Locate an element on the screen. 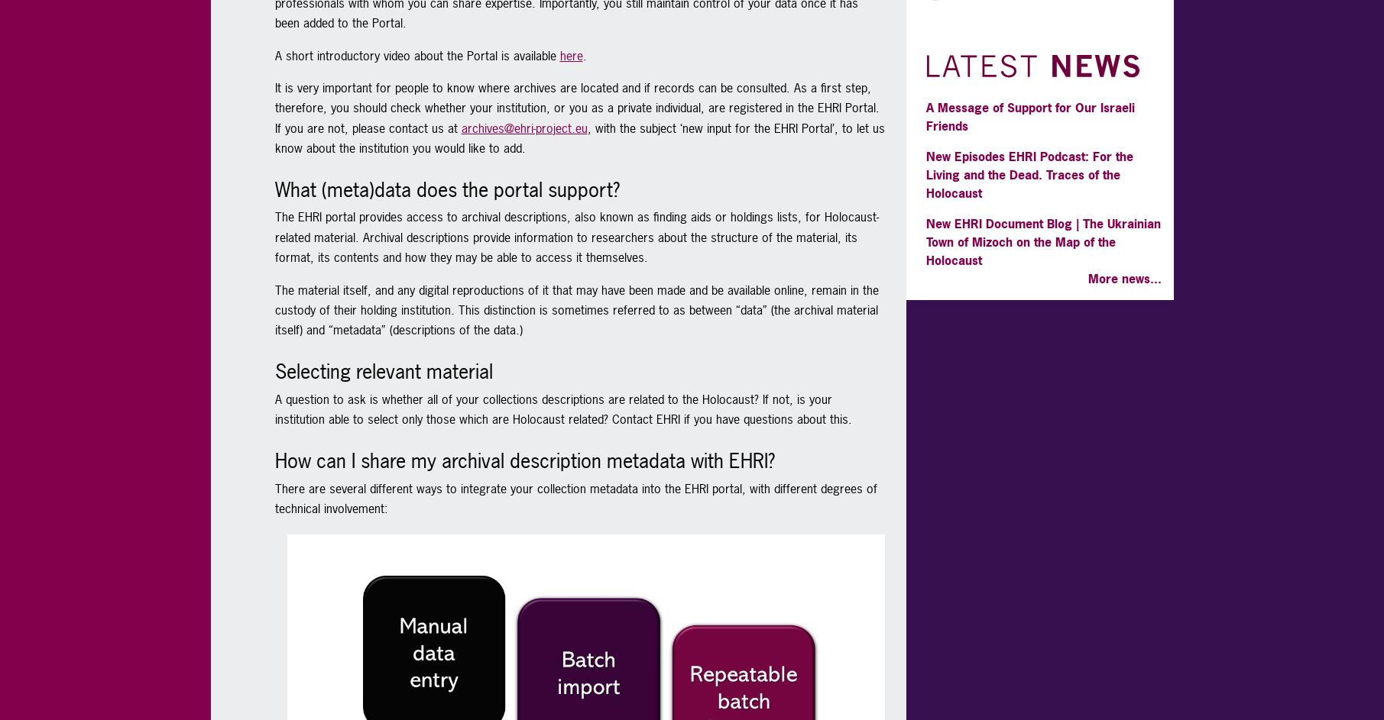 The image size is (1384, 720). '.' is located at coordinates (585, 54).